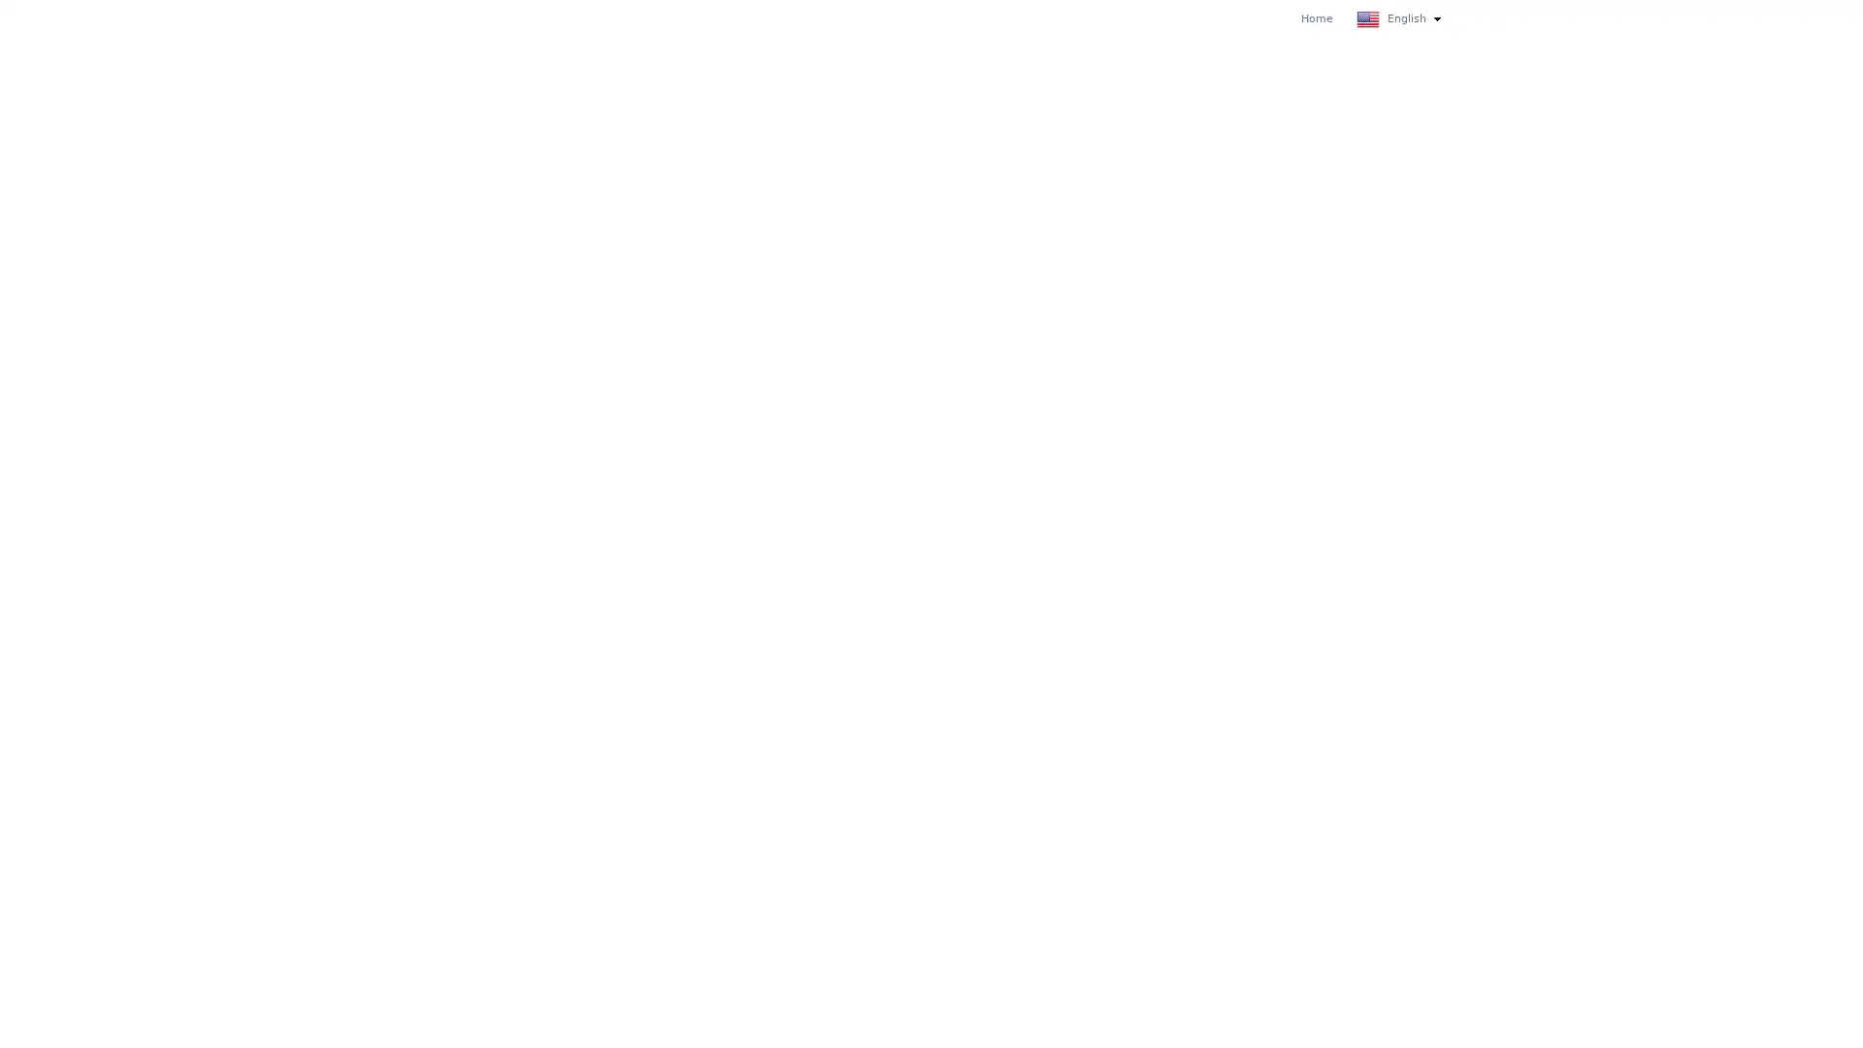  What do you see at coordinates (1434, 17) in the screenshot?
I see `Submit search` at bounding box center [1434, 17].